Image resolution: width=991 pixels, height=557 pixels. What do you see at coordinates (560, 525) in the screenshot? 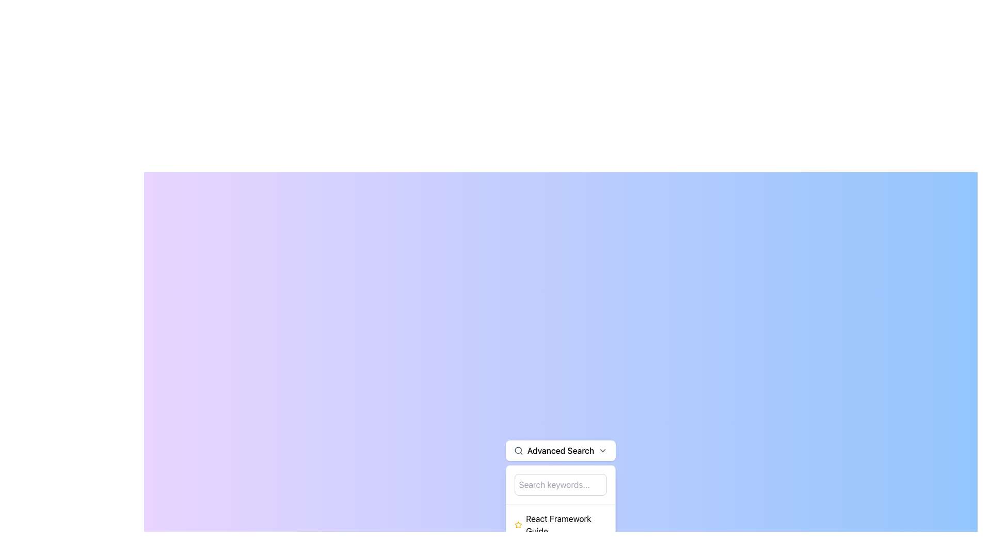
I see `the text label with a star icon representing the 'React Framework Guide' menu item` at bounding box center [560, 525].